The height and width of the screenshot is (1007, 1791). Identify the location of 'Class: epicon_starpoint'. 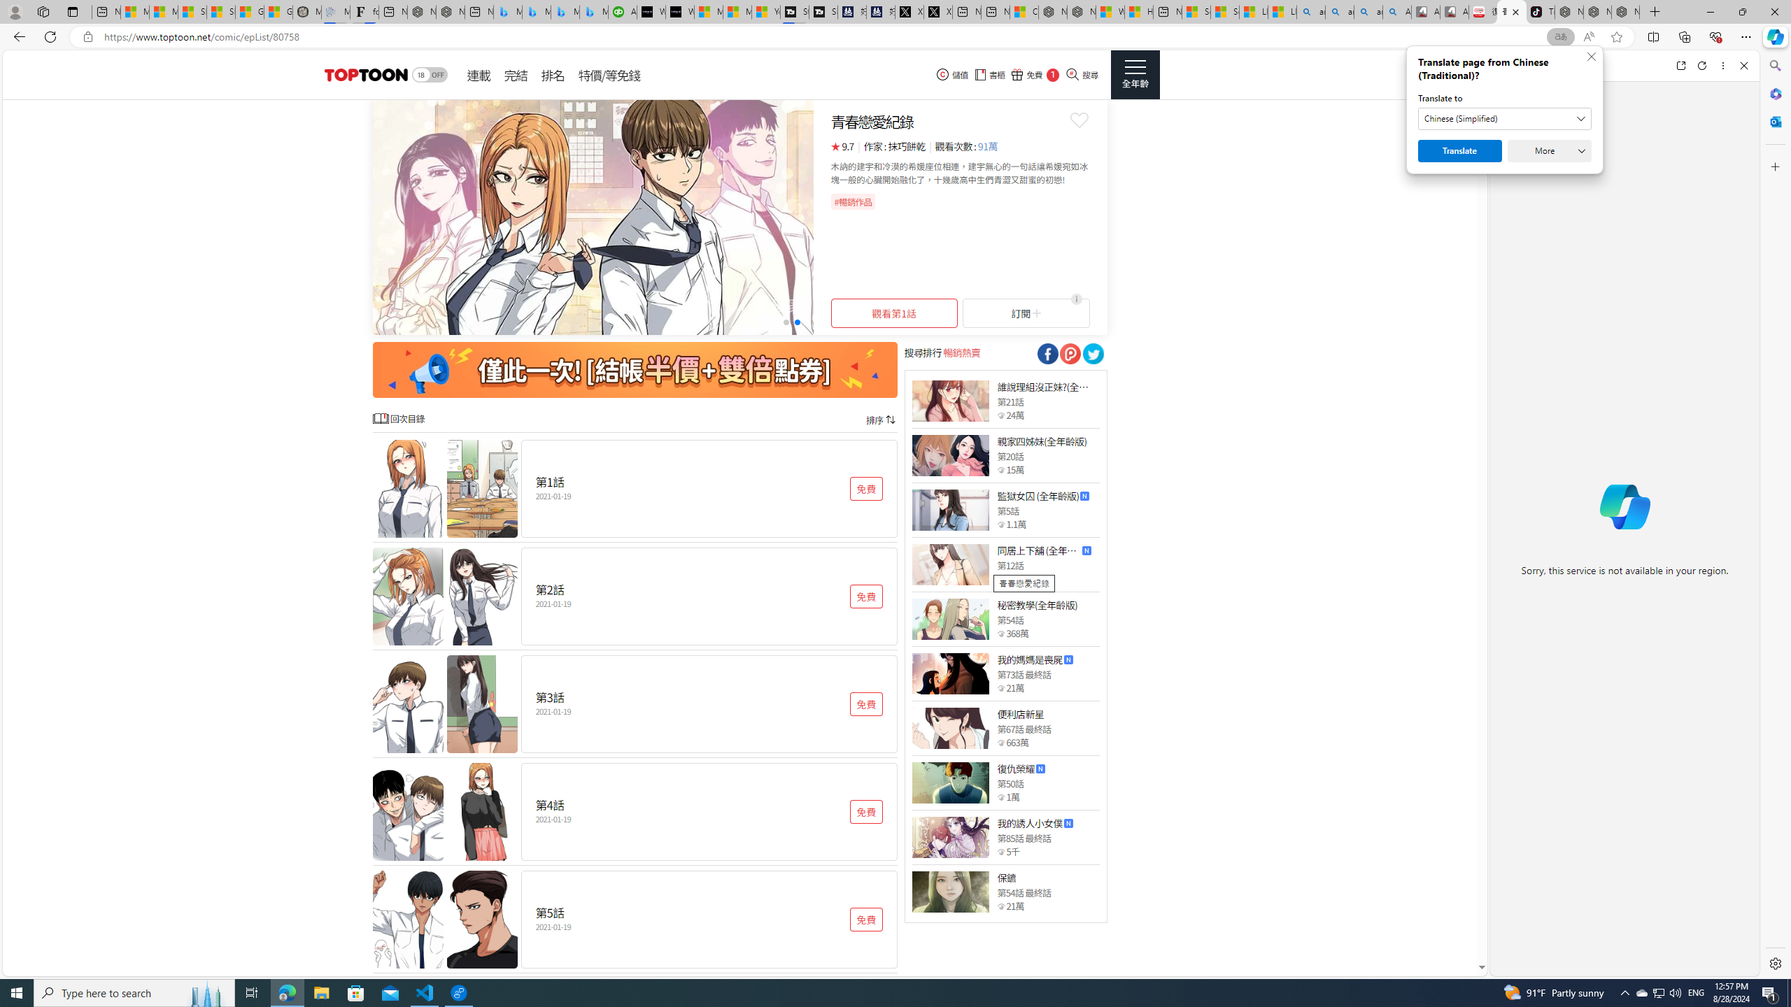
(1000, 906).